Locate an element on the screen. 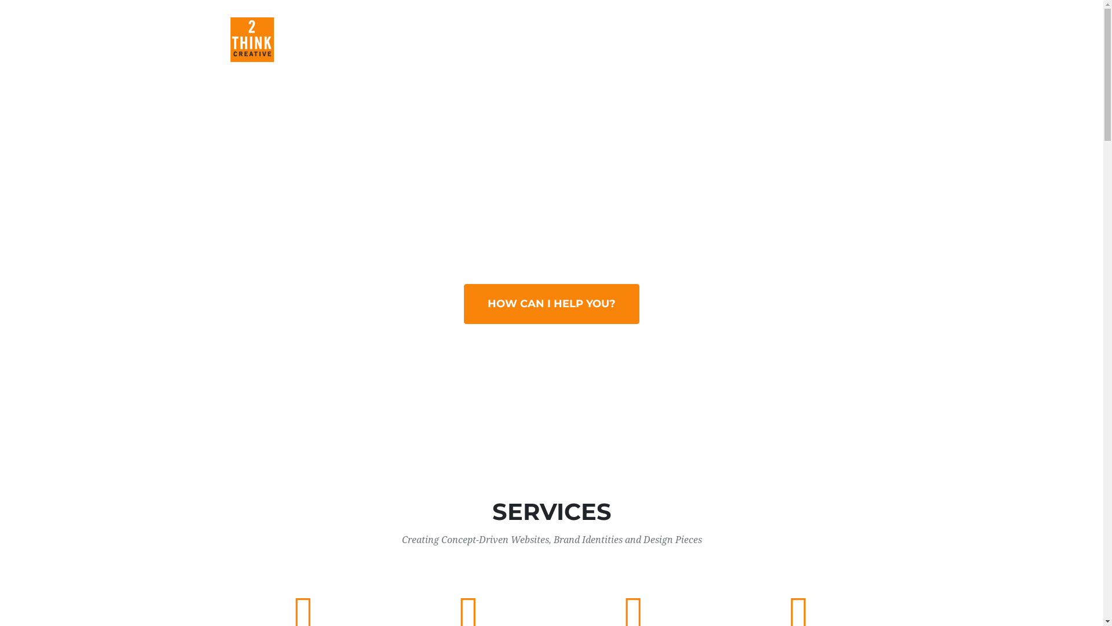 The height and width of the screenshot is (626, 1112). 'ABOUT' is located at coordinates (705, 39).